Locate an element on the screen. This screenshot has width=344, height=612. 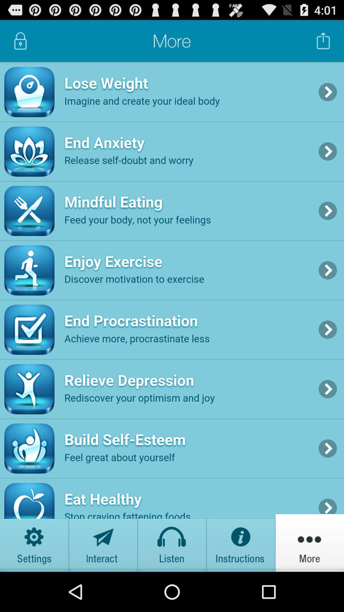
instructions is located at coordinates (241, 542).